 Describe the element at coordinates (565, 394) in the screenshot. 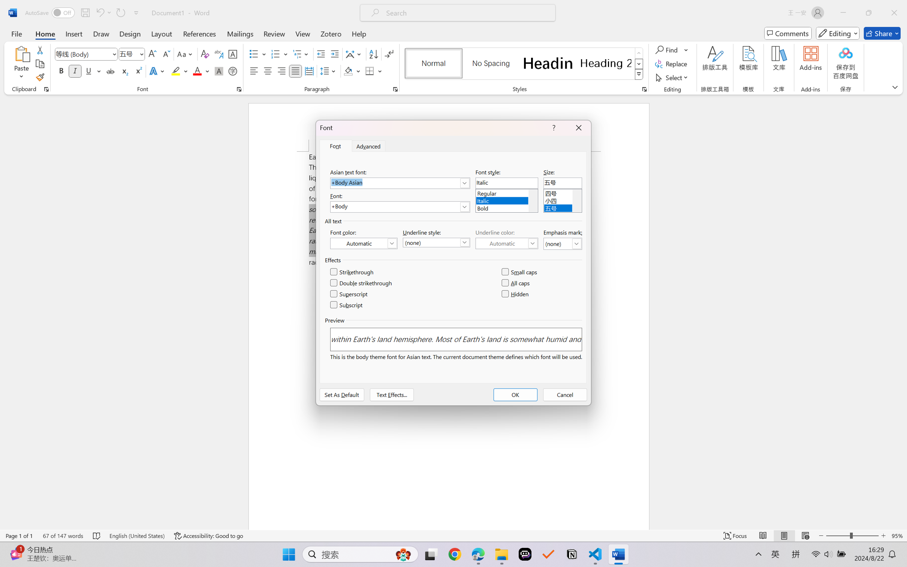

I see `'Cancel'` at that location.